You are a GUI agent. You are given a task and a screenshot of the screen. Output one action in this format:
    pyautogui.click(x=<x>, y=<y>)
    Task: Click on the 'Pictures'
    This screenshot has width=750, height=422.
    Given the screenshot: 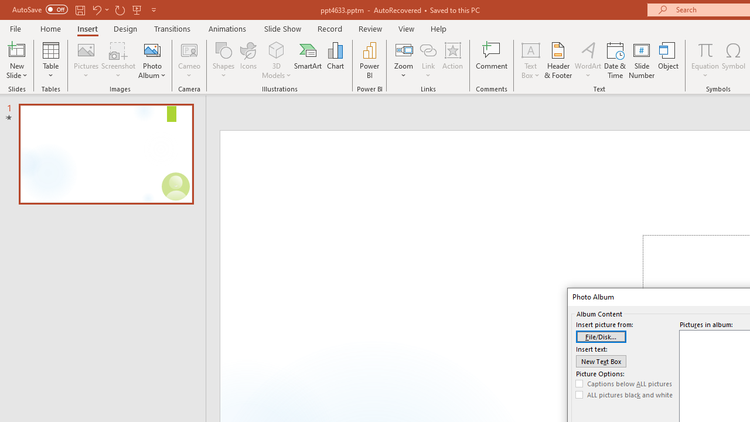 What is the action you would take?
    pyautogui.click(x=86, y=60)
    